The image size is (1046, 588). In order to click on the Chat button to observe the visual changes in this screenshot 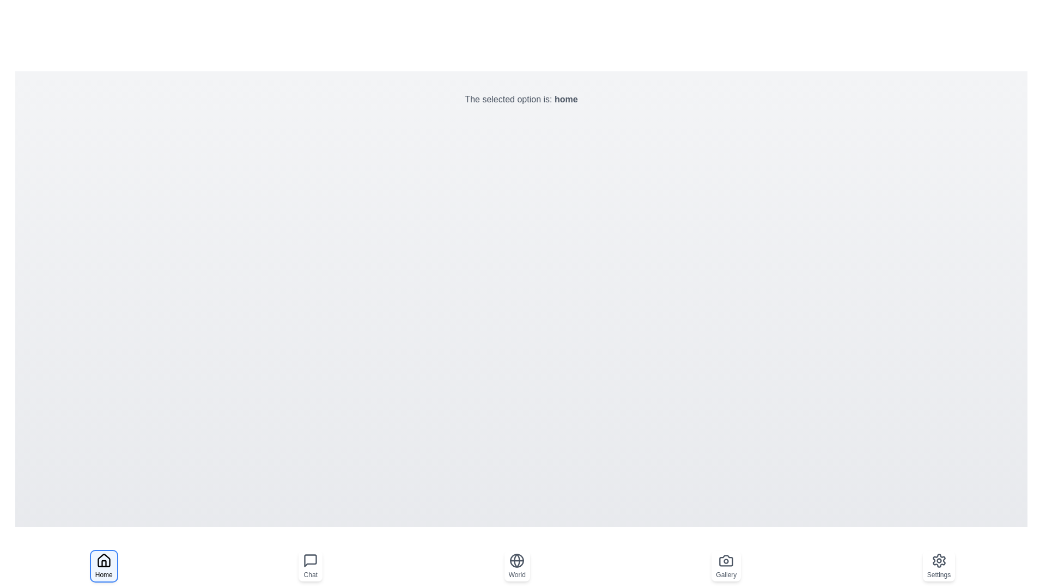, I will do `click(310, 566)`.